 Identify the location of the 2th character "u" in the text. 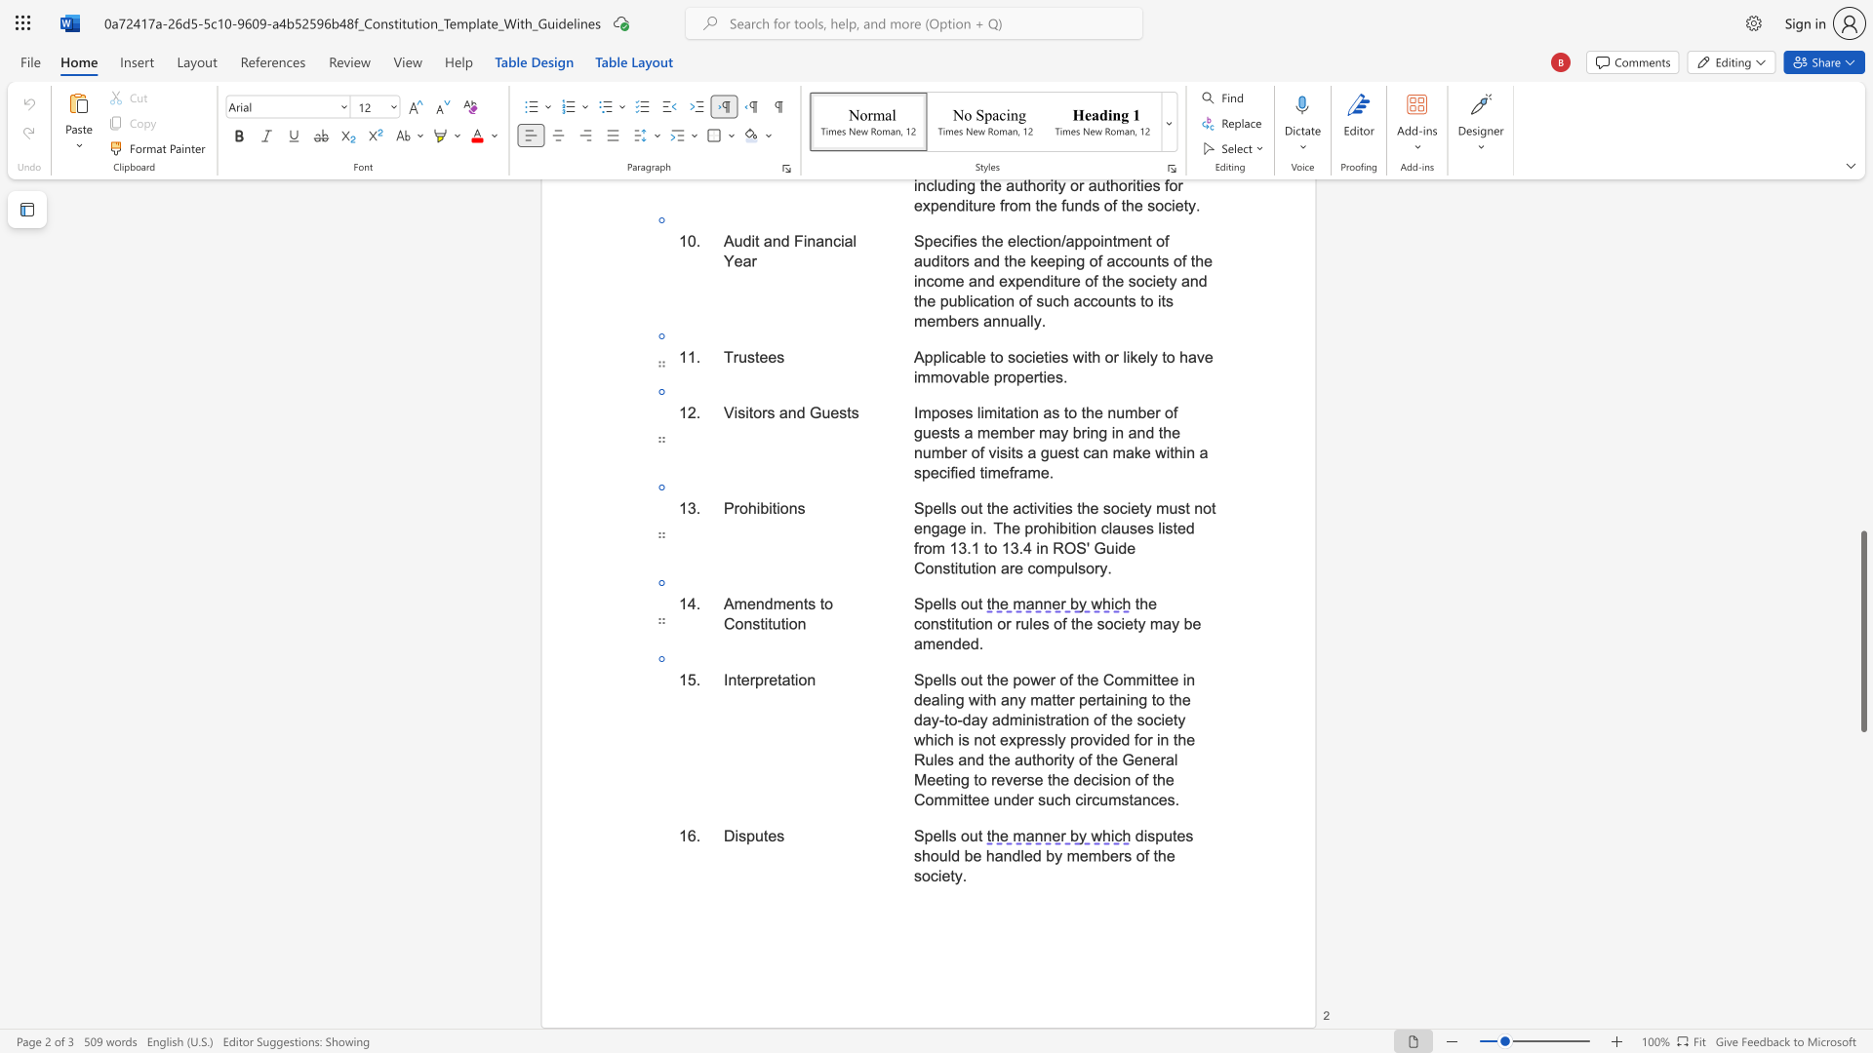
(1023, 624).